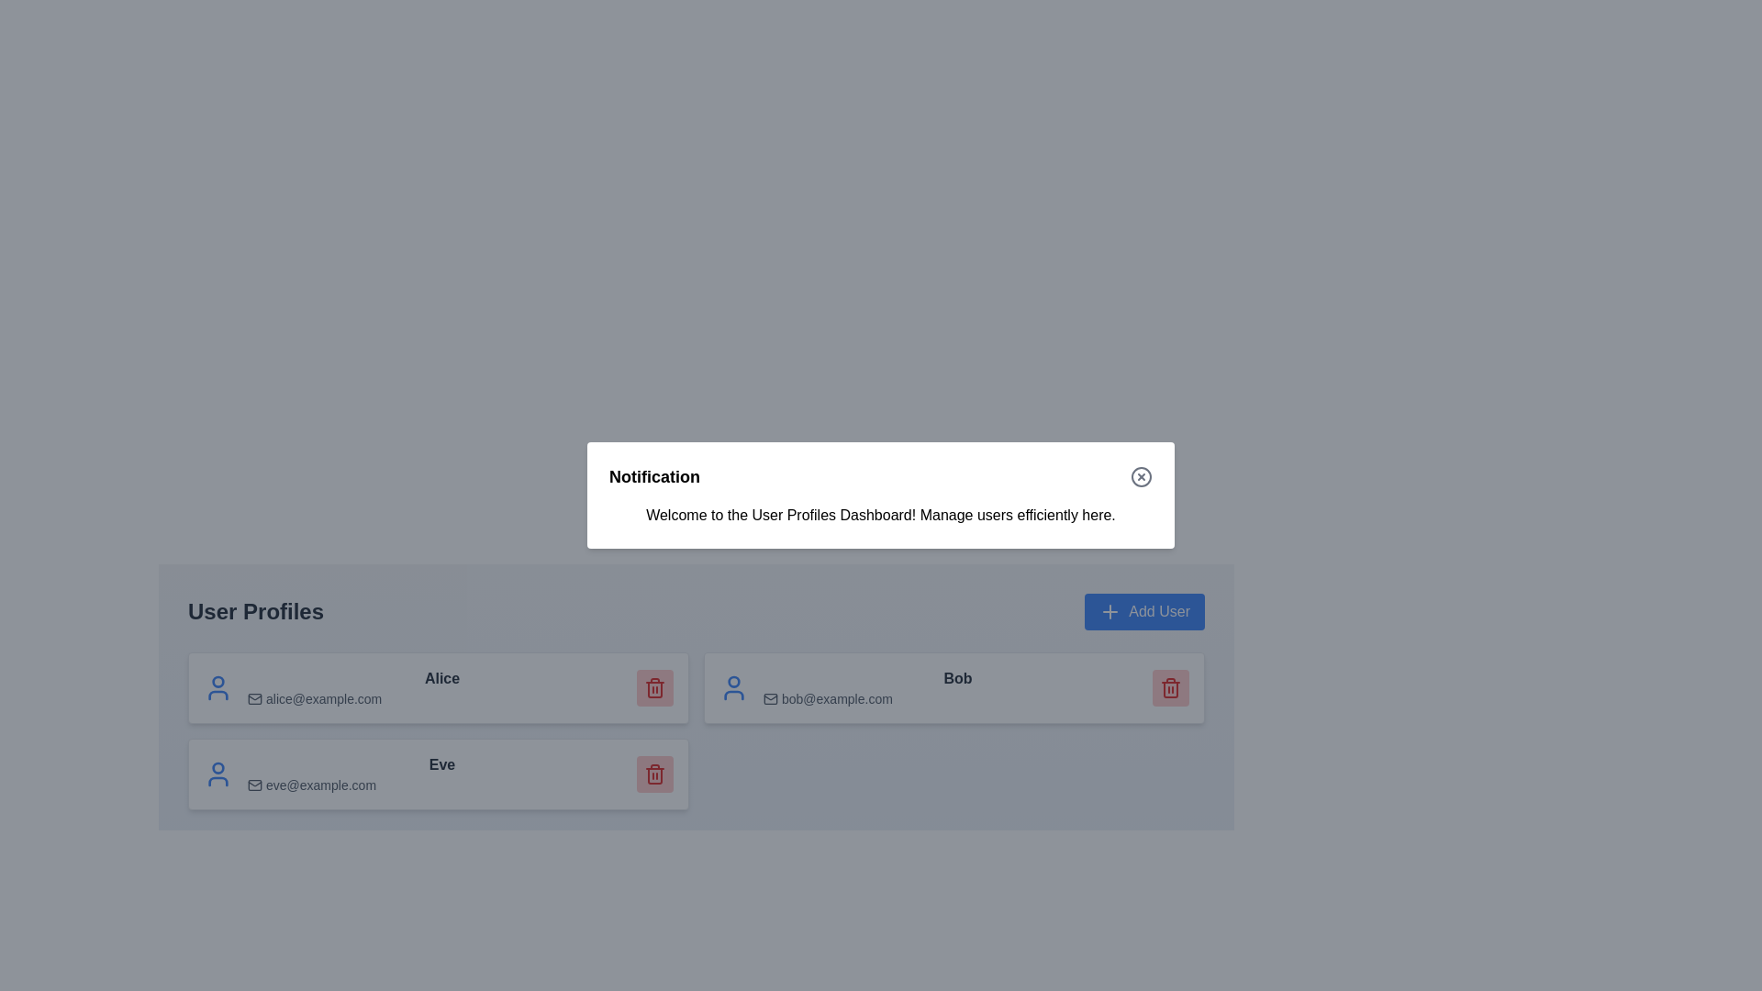 This screenshot has width=1762, height=991. What do you see at coordinates (1110, 612) in the screenshot?
I see `the plus (+) icon located inside the blue 'Add User' button at the upper-right corner of the user interface` at bounding box center [1110, 612].